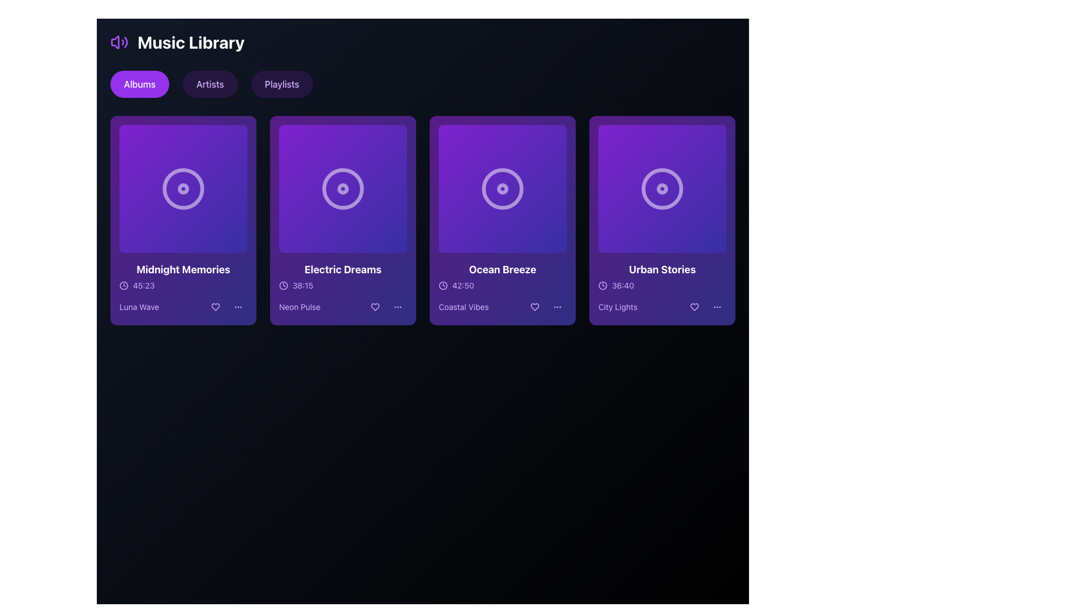 This screenshot has height=611, width=1087. I want to click on the play icon button, which is a white triangular shape surrounded by a circular border, located in the center of the fourth purple card titled 'Urban Stories' under the 'Albums' section, so click(662, 188).